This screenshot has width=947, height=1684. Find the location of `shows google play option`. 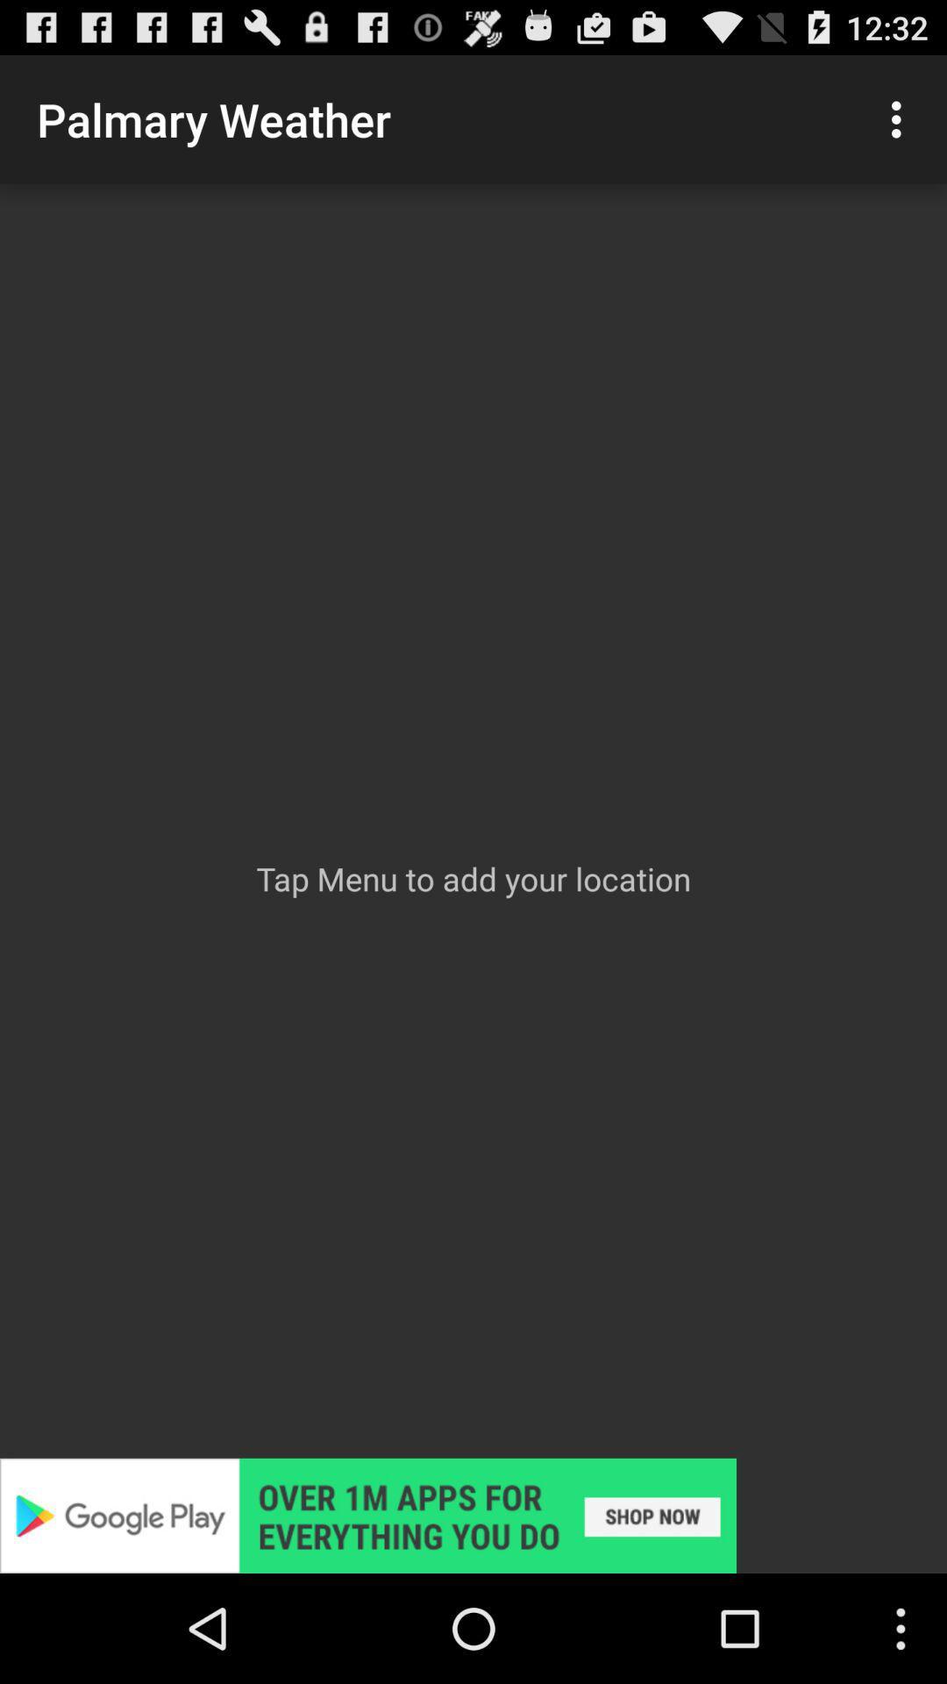

shows google play option is located at coordinates (473, 1515).